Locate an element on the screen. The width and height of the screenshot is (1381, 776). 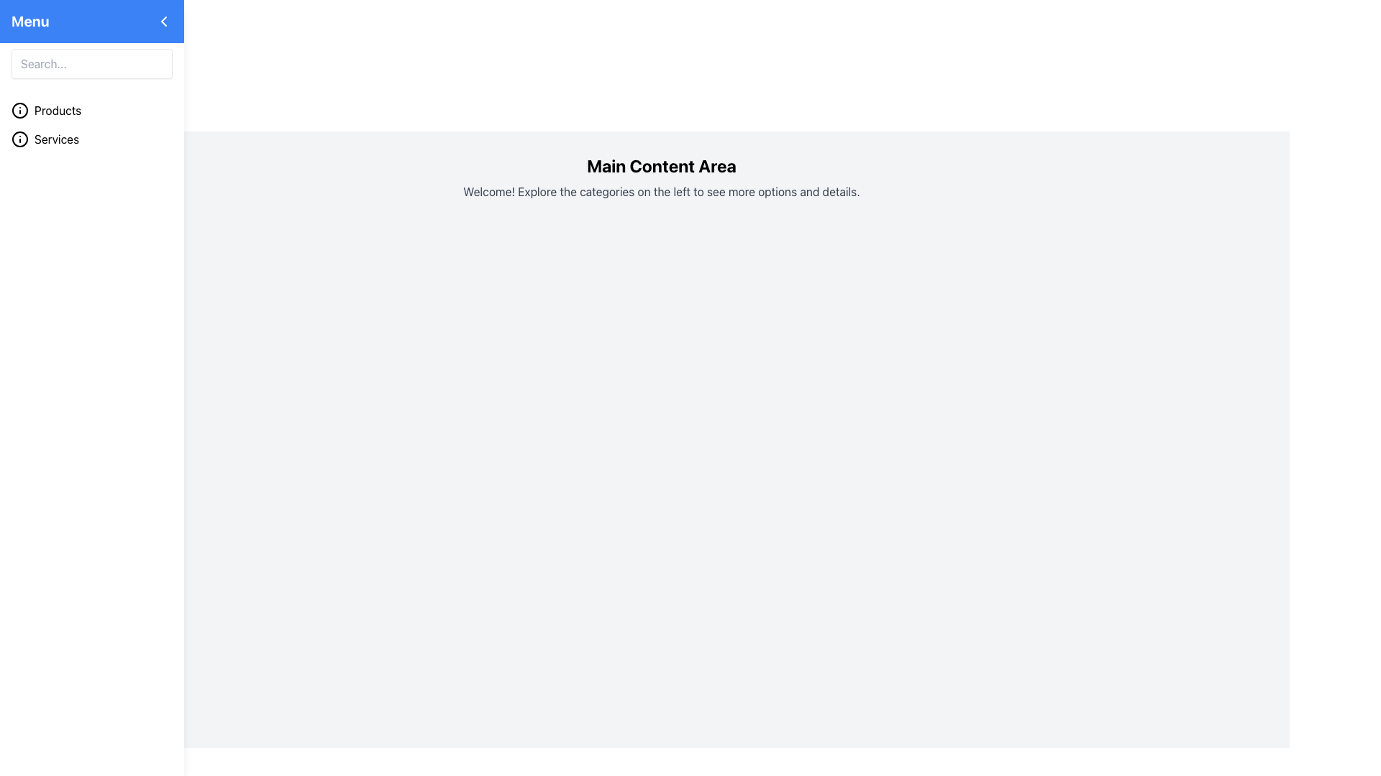
the navigational button located in the top-left section of the main content area is located at coordinates (42, 140).